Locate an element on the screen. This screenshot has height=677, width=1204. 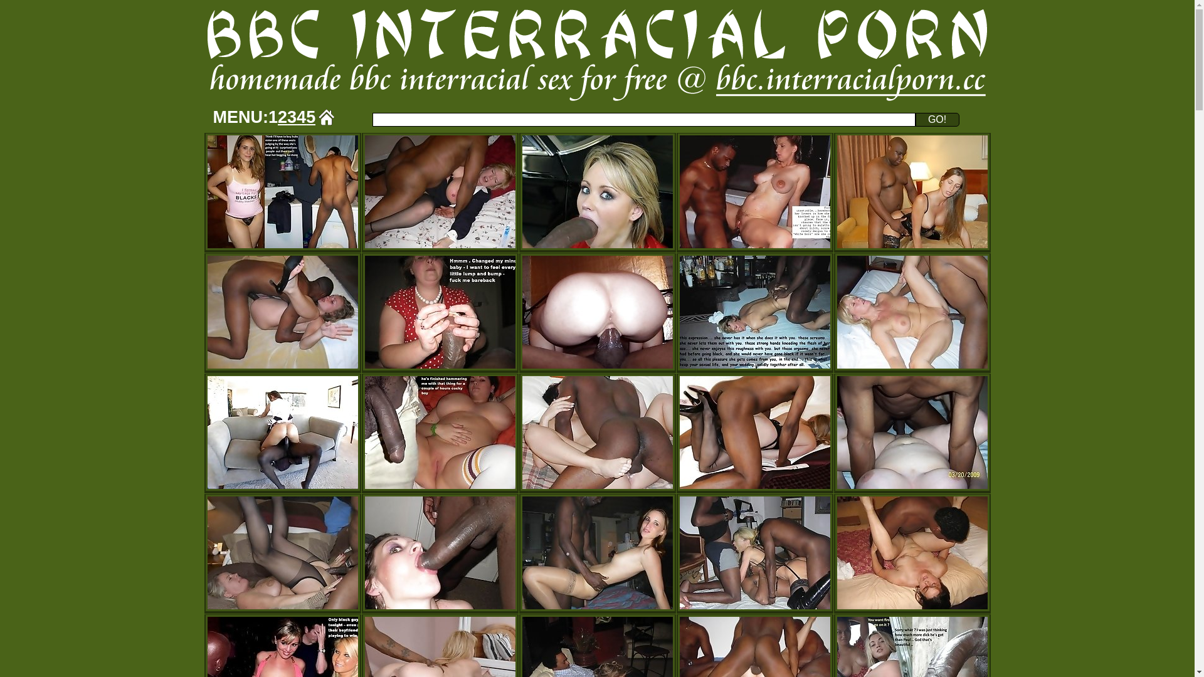
'Search' is located at coordinates (644, 120).